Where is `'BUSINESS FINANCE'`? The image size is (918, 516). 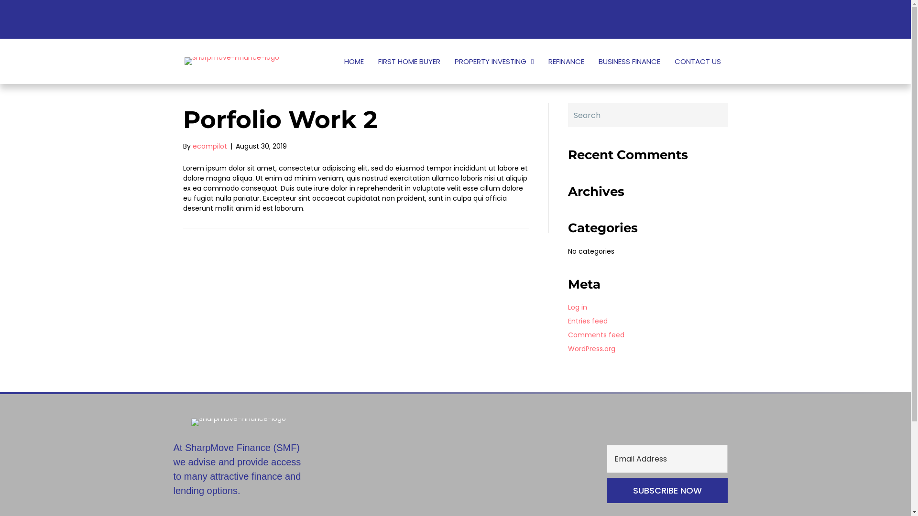 'BUSINESS FINANCE' is located at coordinates (629, 61).